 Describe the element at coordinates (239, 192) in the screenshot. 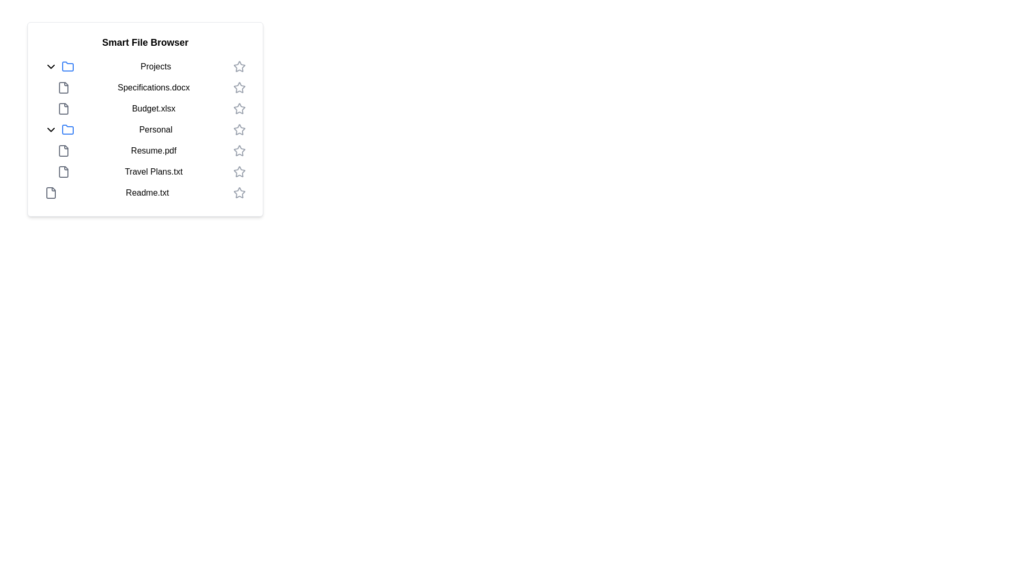

I see `the Star icon, which marks the 'Readme.txt' file as a favorite` at that location.